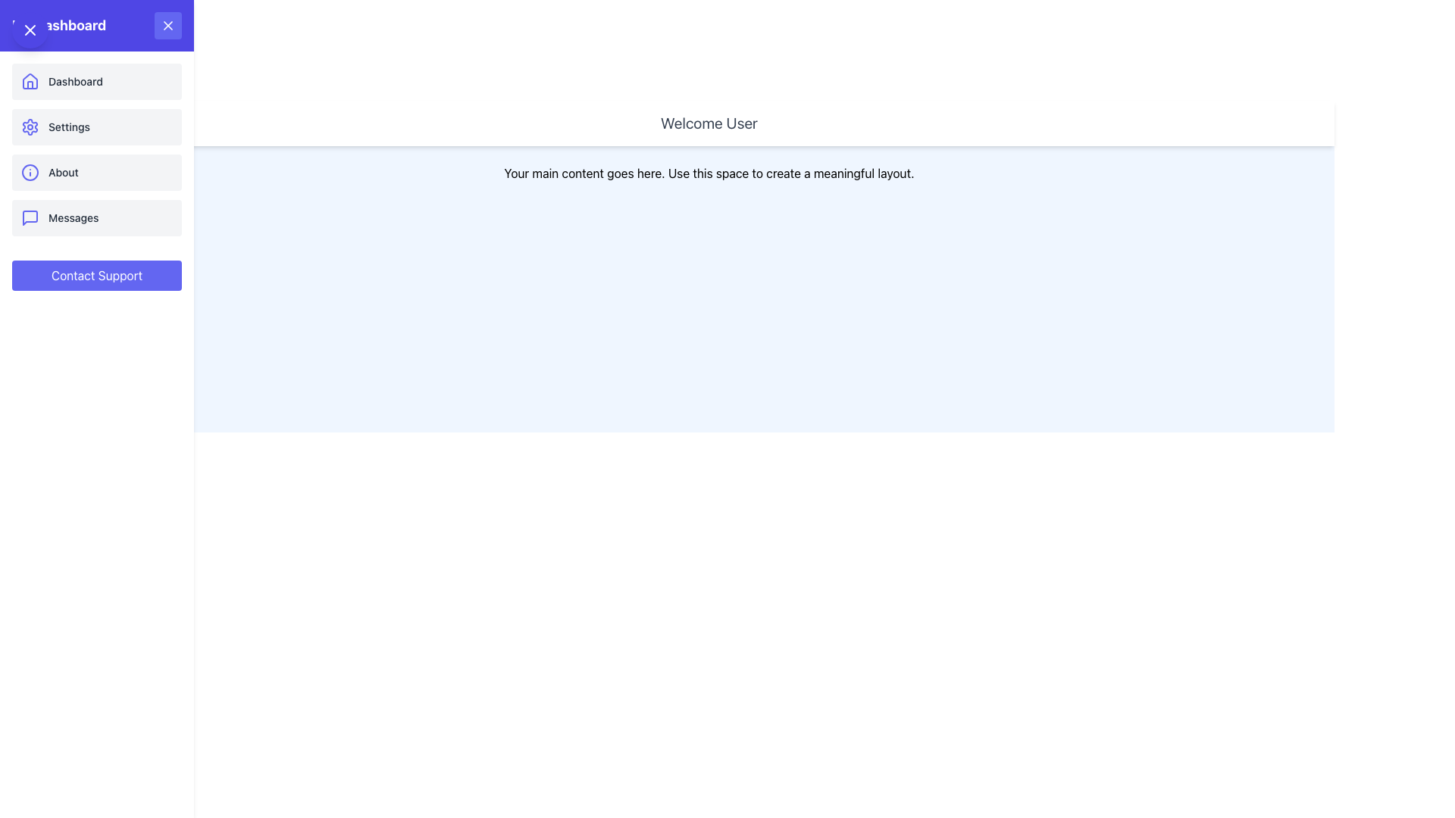 The height and width of the screenshot is (818, 1455). What do you see at coordinates (96, 275) in the screenshot?
I see `the 'Contact Support' button with indigo color and white text` at bounding box center [96, 275].